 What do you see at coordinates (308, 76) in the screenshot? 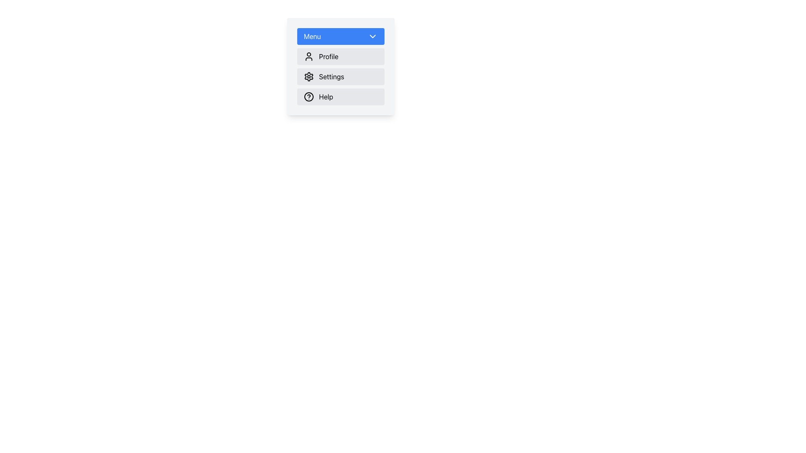
I see `the gear icon located in the dropdown menu next to the 'Settings' label to interact with it` at bounding box center [308, 76].